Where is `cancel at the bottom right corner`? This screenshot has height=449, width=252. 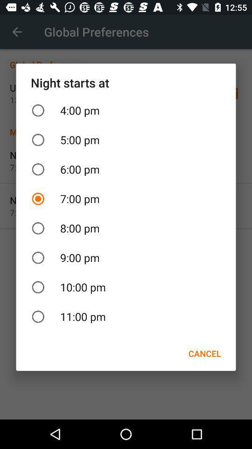 cancel at the bottom right corner is located at coordinates (204, 353).